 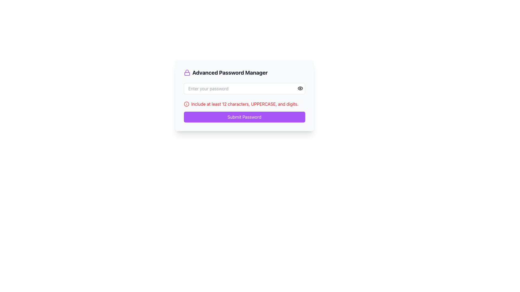 What do you see at coordinates (245, 104) in the screenshot?
I see `the Guidance Text located beneath the password input field and above the 'Submit Password' button, indicated by an icon for further information or warning` at bounding box center [245, 104].